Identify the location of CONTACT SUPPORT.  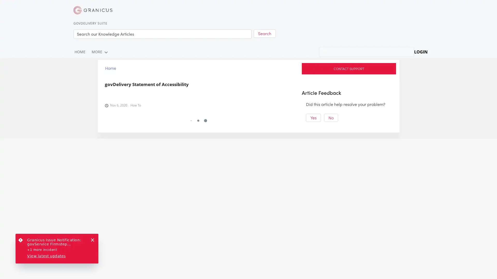
(349, 68).